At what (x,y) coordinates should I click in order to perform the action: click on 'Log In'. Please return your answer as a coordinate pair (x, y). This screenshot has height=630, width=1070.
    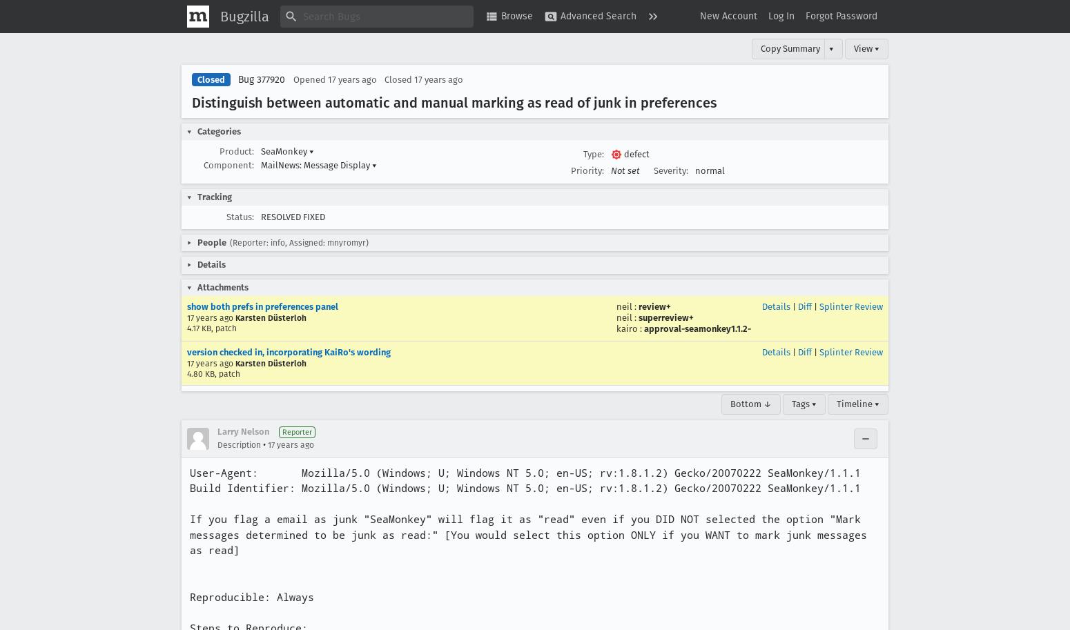
    Looking at the image, I should click on (780, 16).